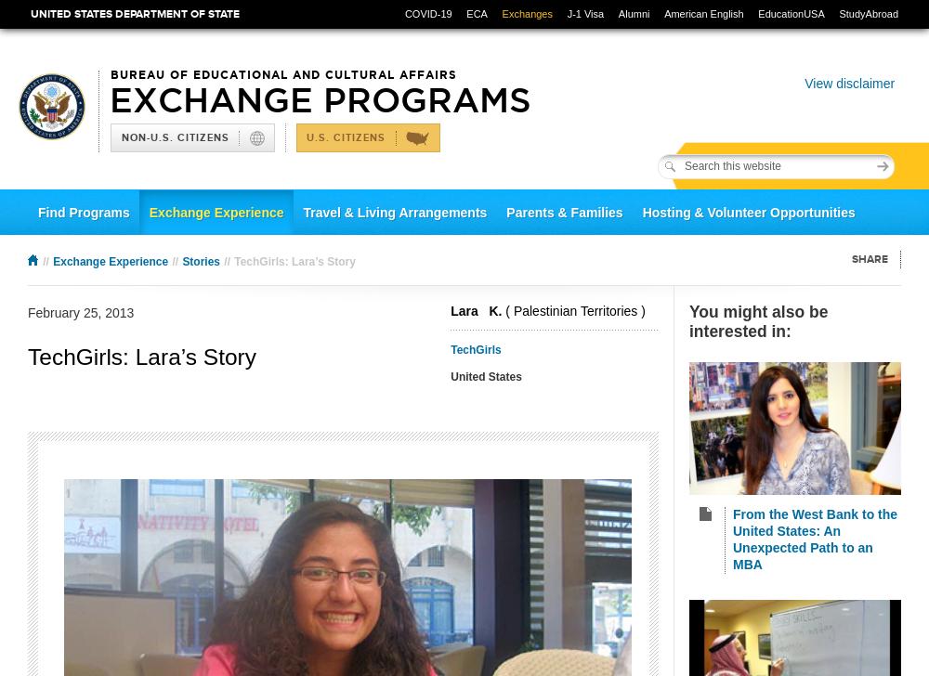 This screenshot has width=929, height=676. Describe the element at coordinates (121, 137) in the screenshot. I see `'Non-U.S. Citizens'` at that location.